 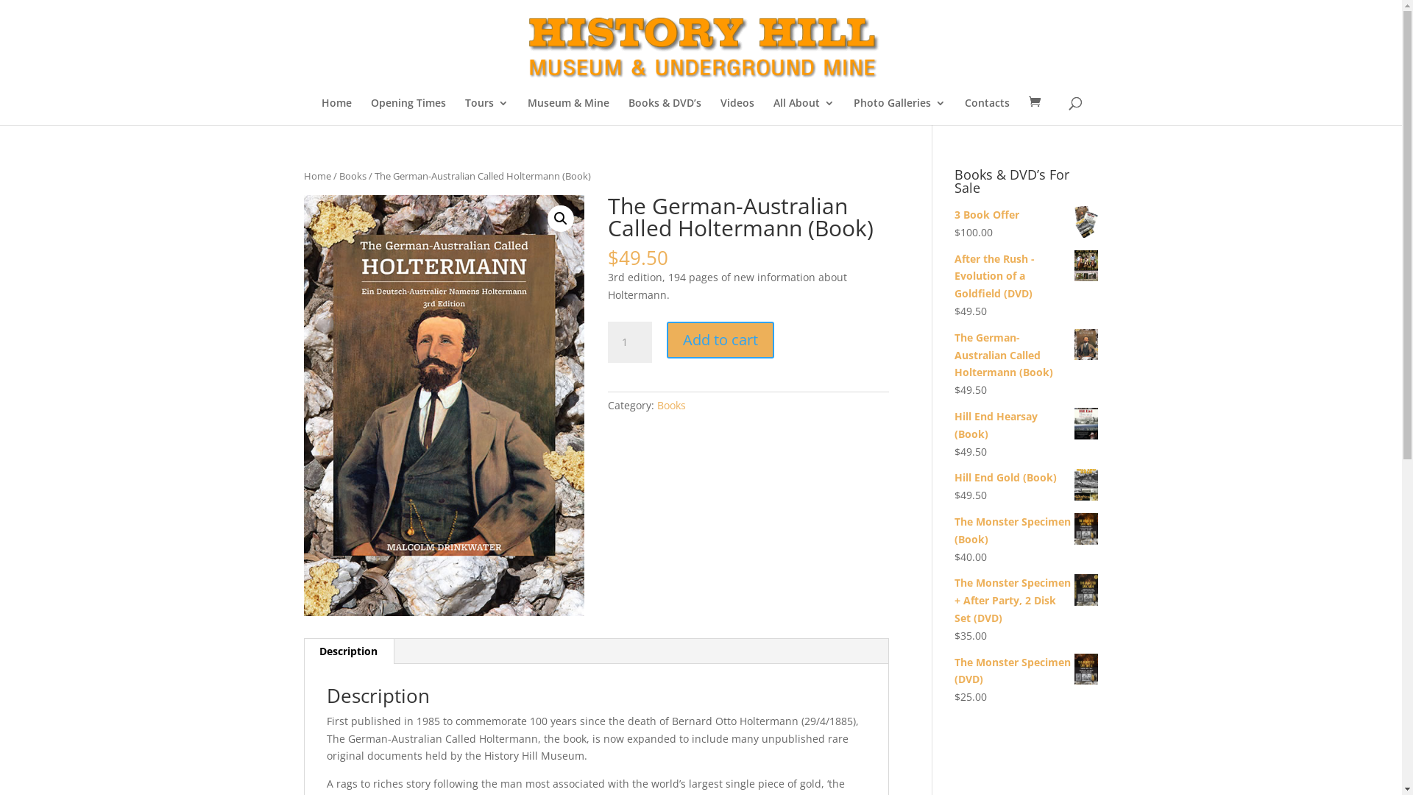 What do you see at coordinates (1025, 477) in the screenshot?
I see `'Hill End Gold (Book)'` at bounding box center [1025, 477].